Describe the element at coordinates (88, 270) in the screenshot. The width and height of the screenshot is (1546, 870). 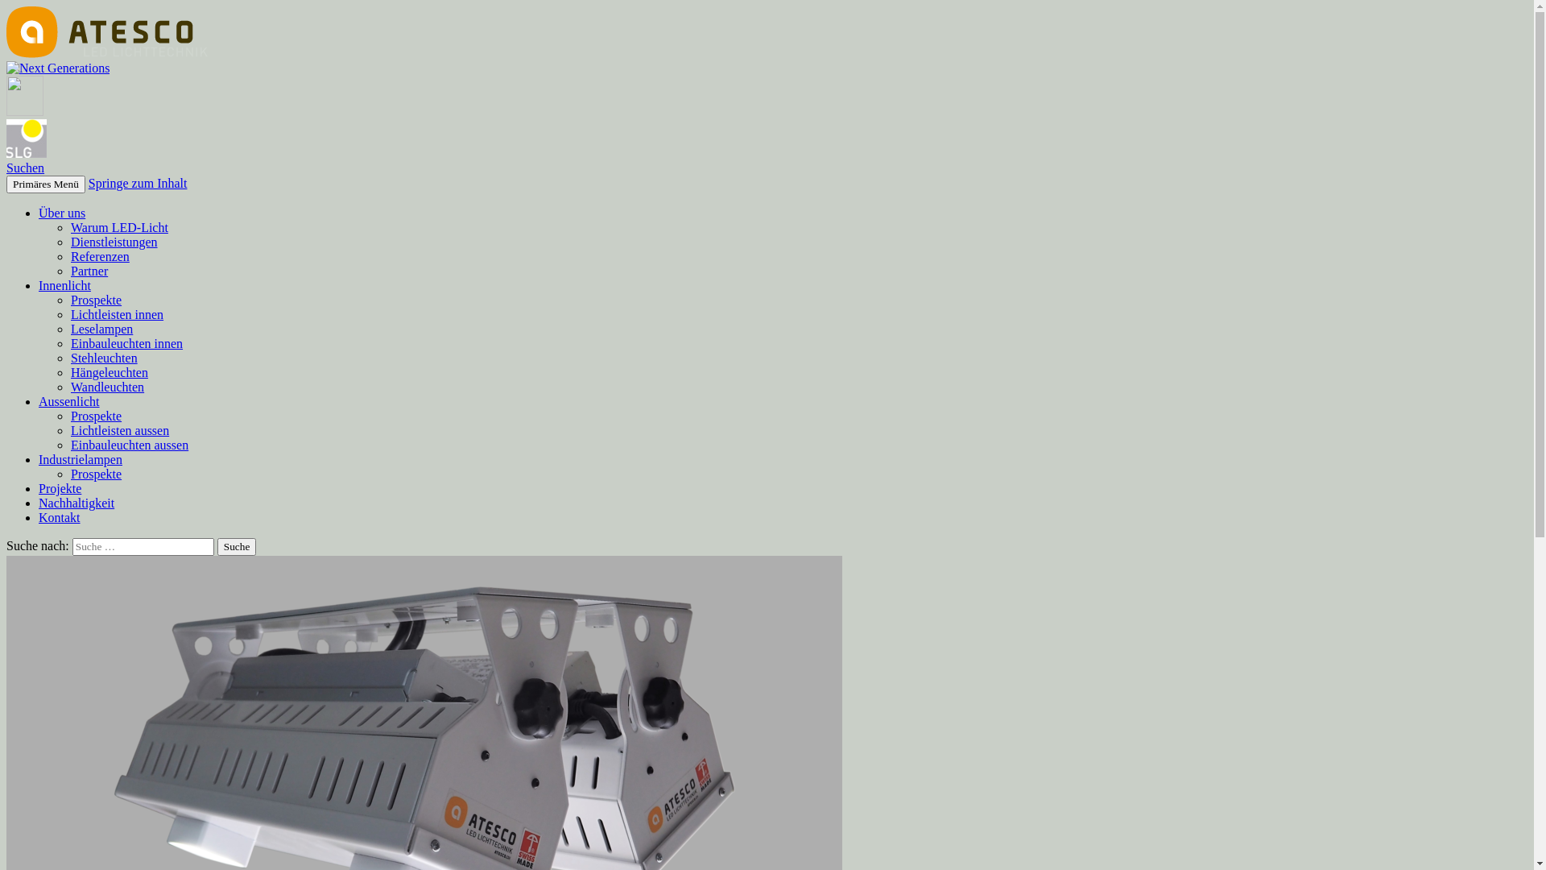
I see `'Partner'` at that location.